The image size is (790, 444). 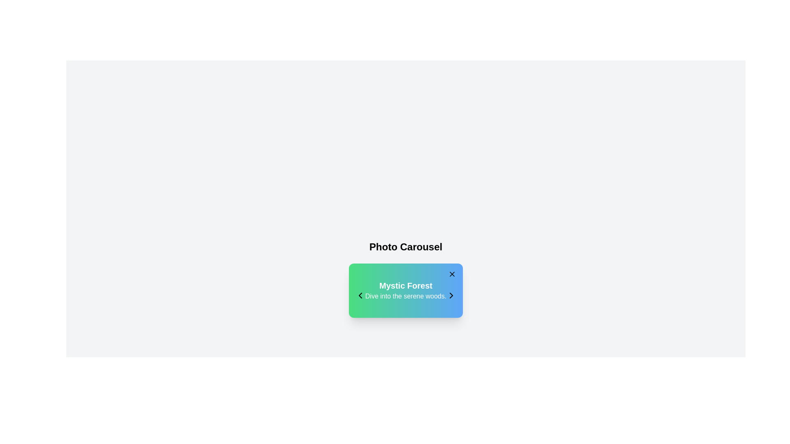 What do you see at coordinates (360, 295) in the screenshot?
I see `the leftward-pointing chevron icon within the green-blue gradient dialog box near the bottom center, associated with the text 'Mystic Forest'` at bounding box center [360, 295].